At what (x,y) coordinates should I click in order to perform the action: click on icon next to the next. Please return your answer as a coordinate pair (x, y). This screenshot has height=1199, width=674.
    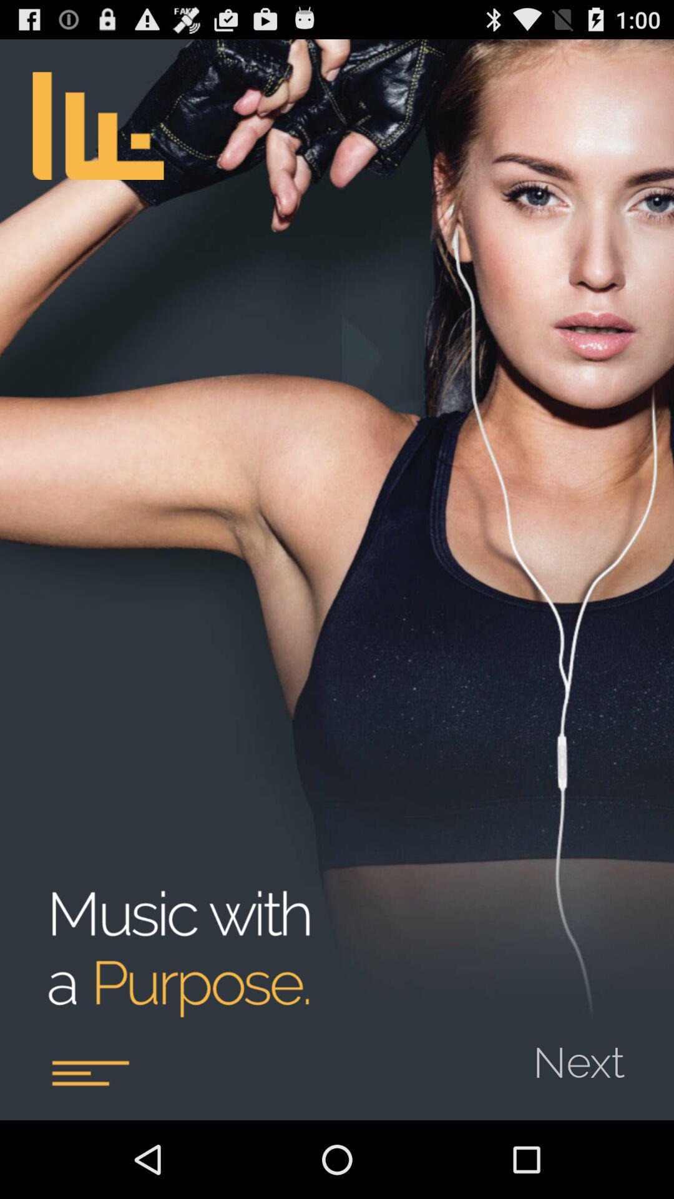
    Looking at the image, I should click on (89, 1072).